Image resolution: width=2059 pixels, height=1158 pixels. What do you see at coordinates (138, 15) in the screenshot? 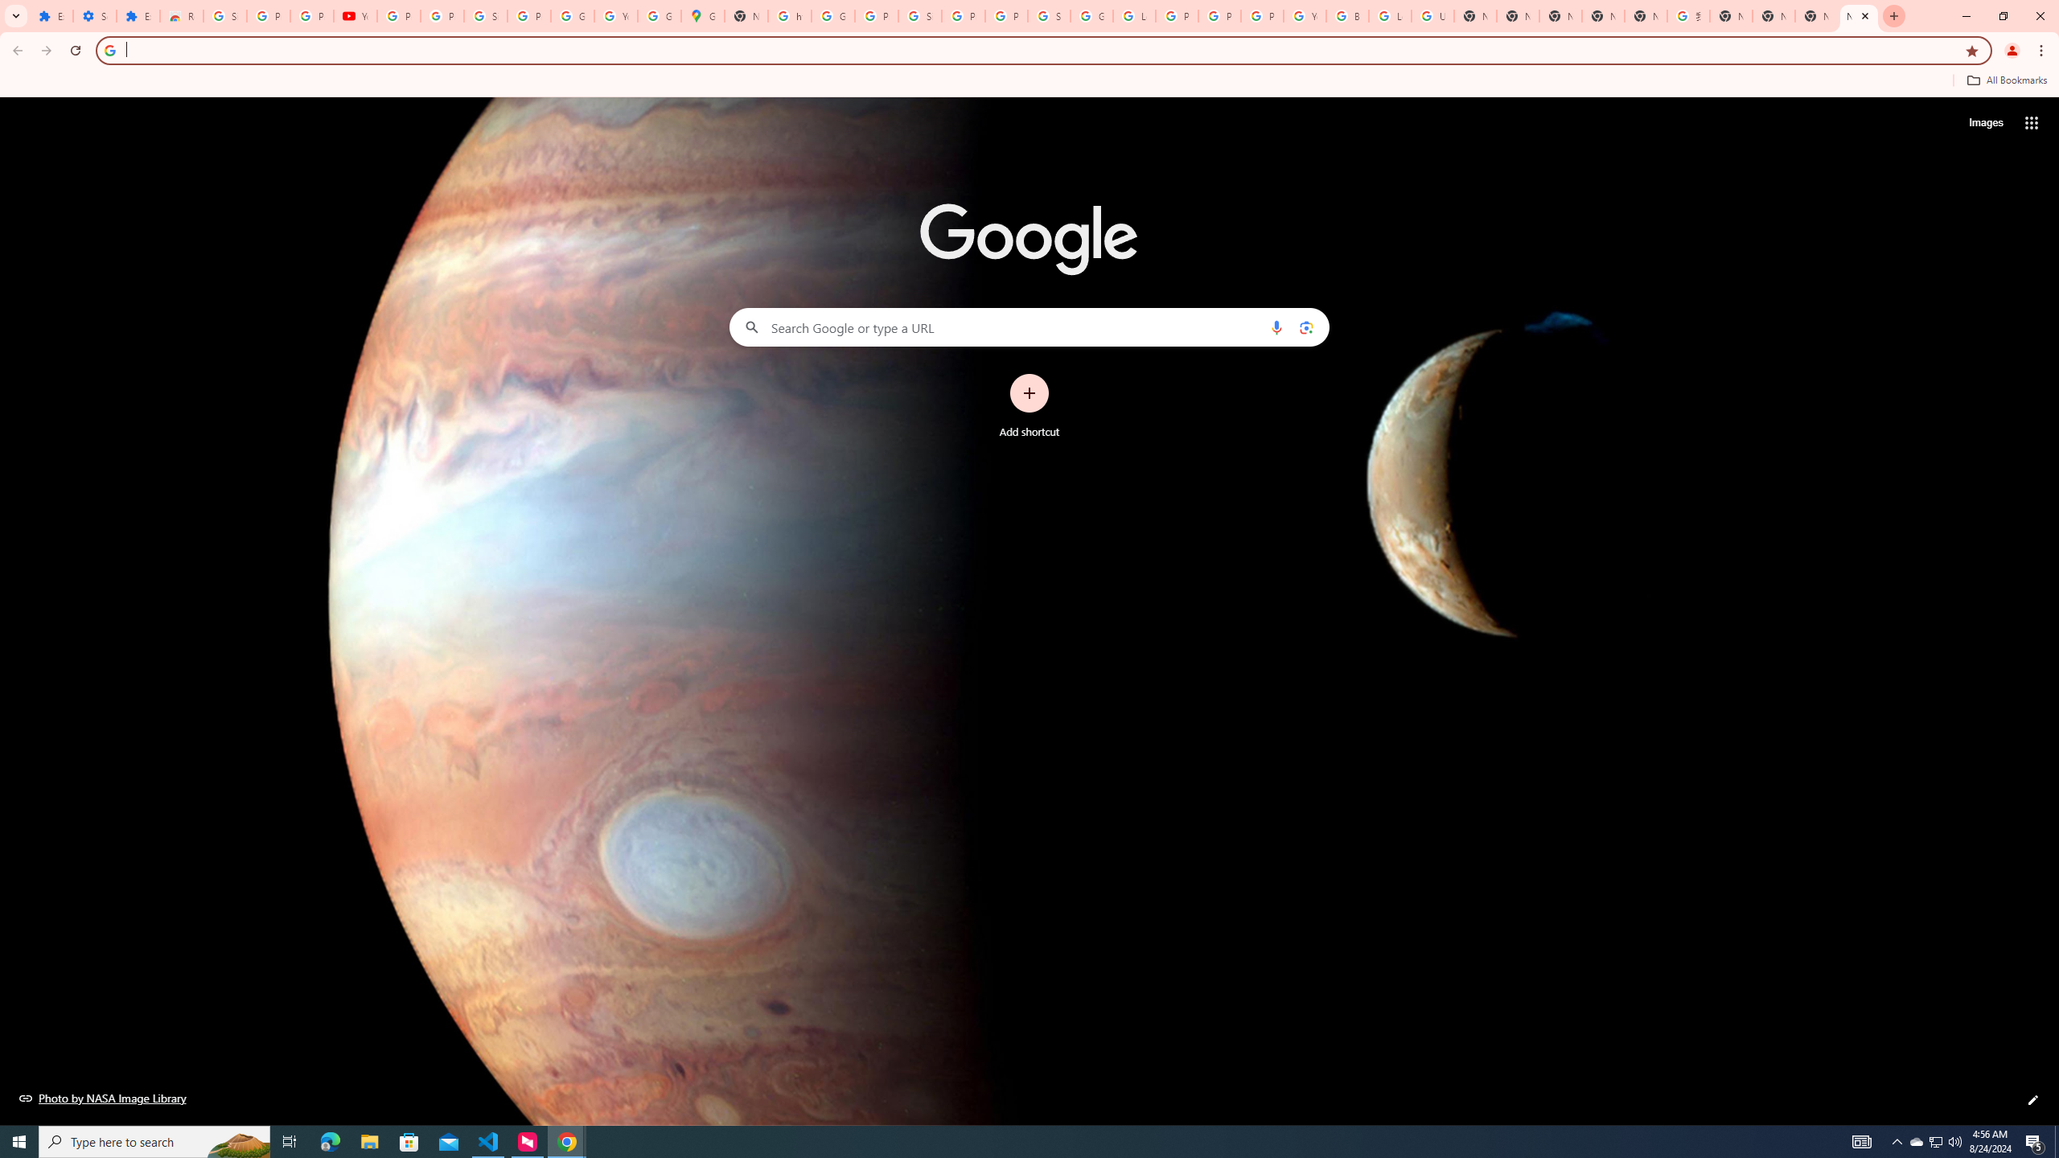
I see `'Extensions'` at bounding box center [138, 15].